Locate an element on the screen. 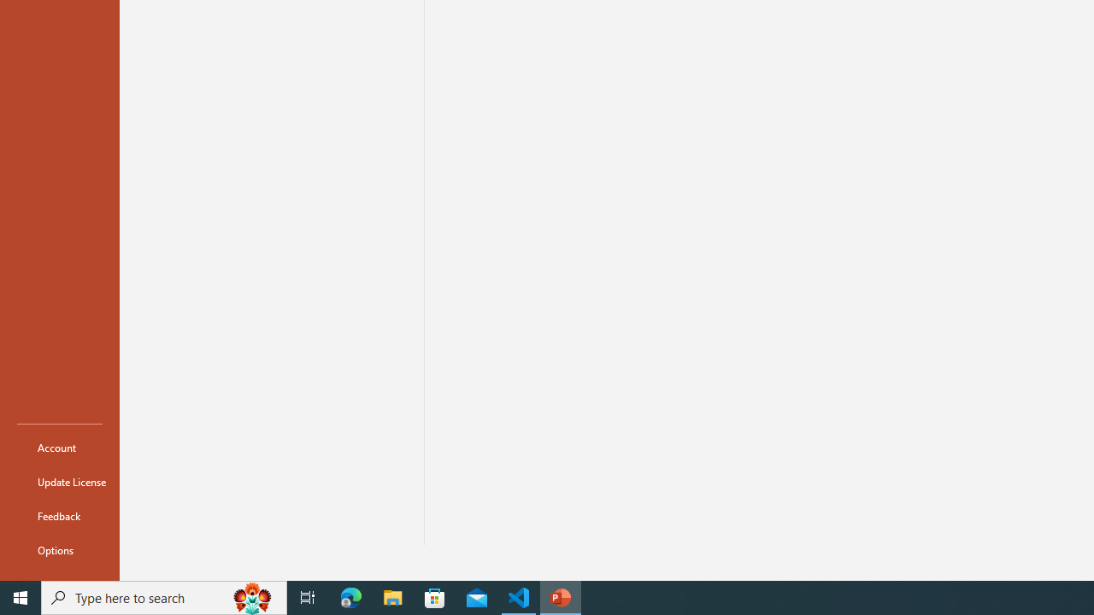 Image resolution: width=1094 pixels, height=615 pixels. 'Options' is located at coordinates (59, 550).